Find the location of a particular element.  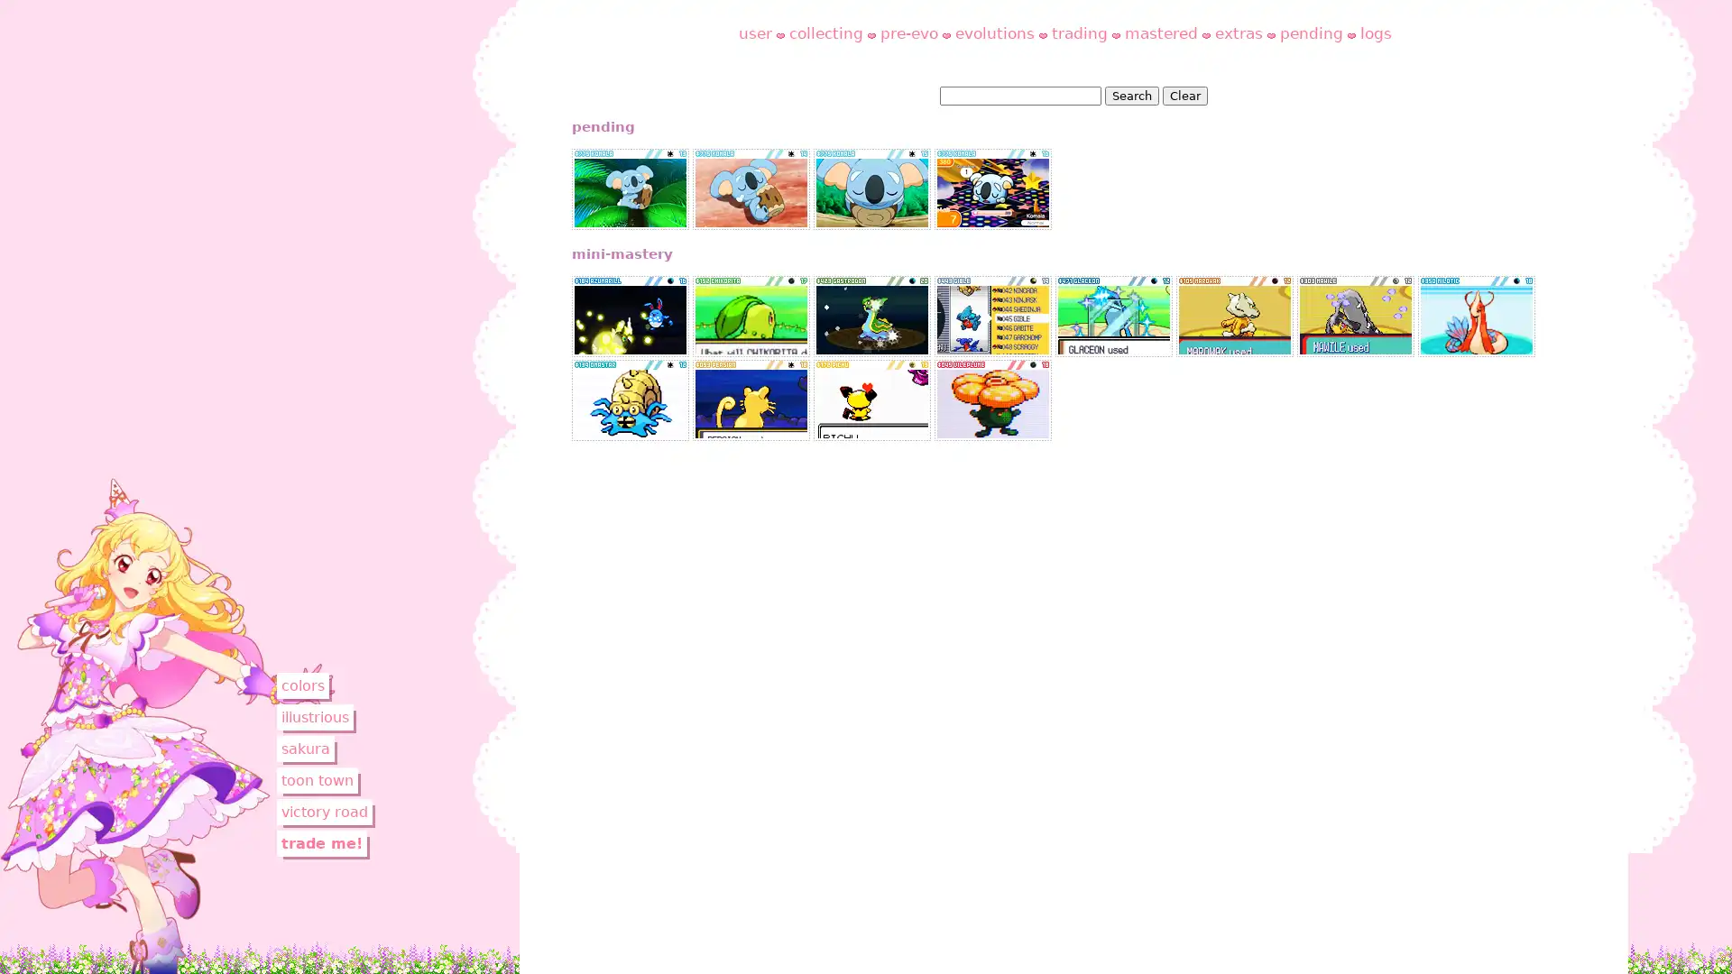

Search is located at coordinates (1129, 96).